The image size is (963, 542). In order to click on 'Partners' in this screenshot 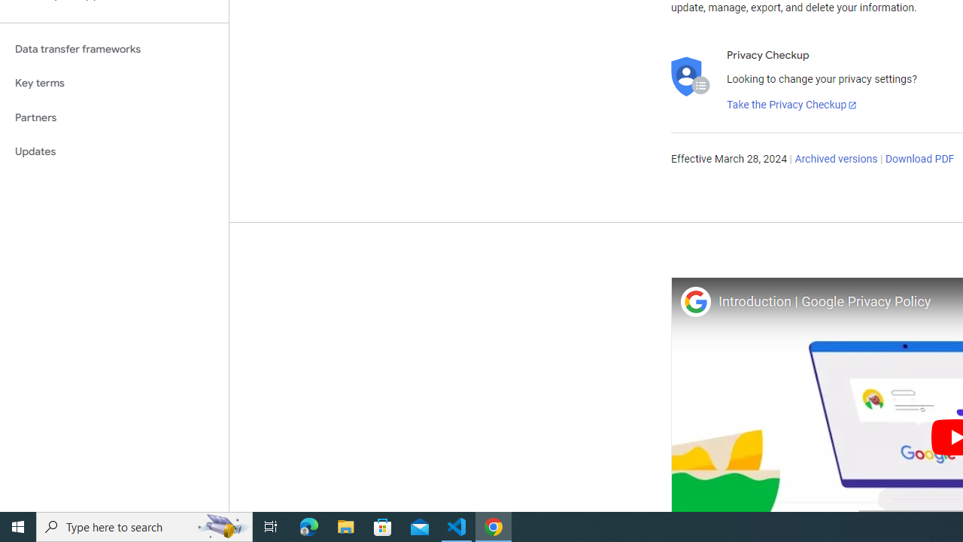, I will do `click(114, 117)`.